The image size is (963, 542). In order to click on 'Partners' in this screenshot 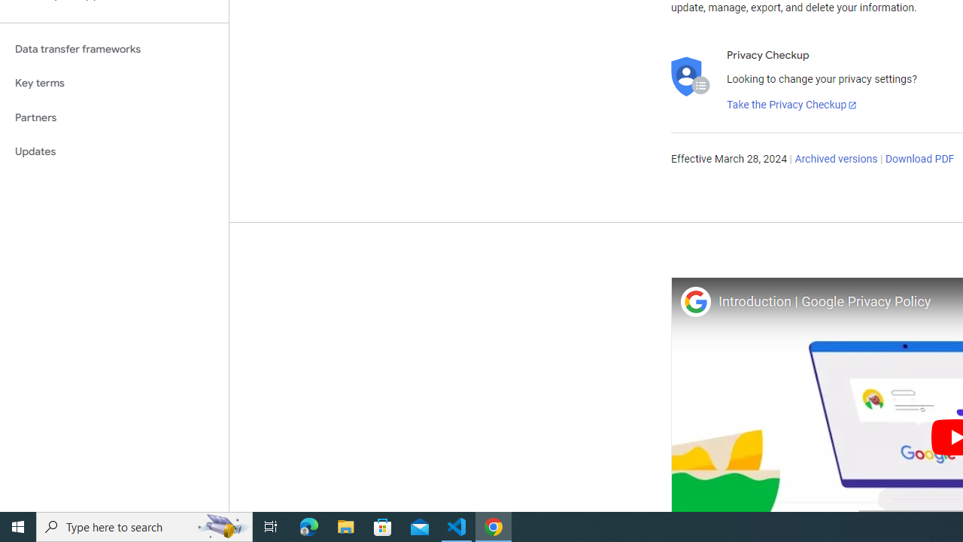, I will do `click(114, 117)`.